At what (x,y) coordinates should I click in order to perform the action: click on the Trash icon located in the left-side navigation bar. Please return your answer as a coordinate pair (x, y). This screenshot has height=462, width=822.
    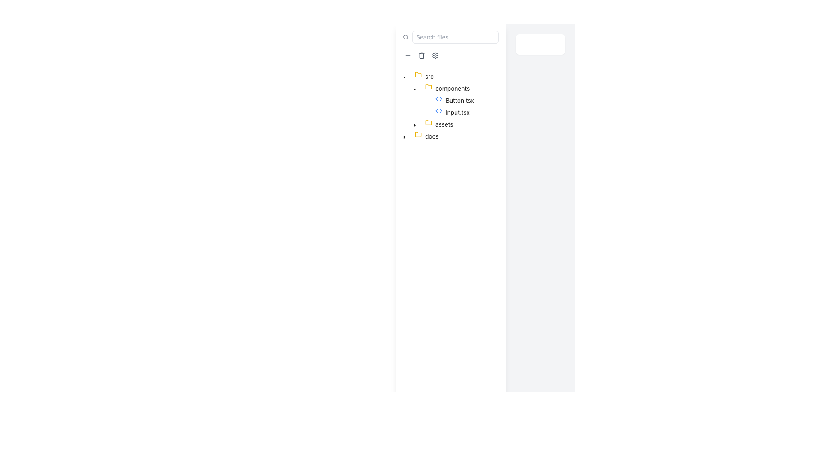
    Looking at the image, I should click on (421, 56).